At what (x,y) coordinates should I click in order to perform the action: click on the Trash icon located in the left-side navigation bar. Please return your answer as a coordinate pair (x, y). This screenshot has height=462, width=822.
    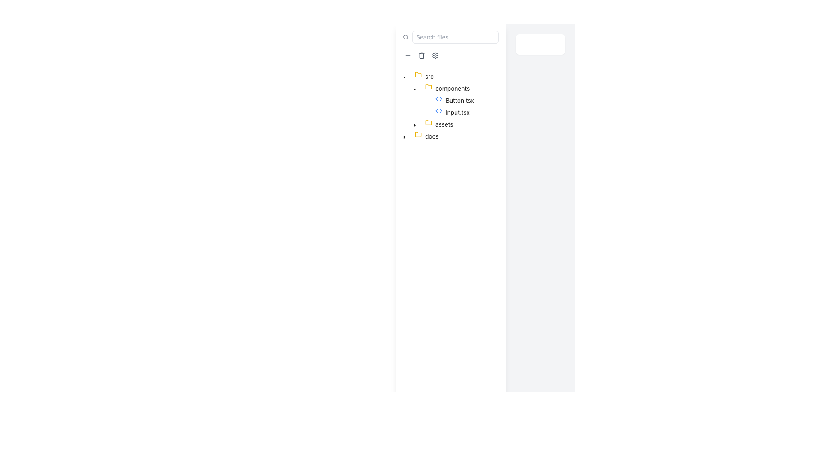
    Looking at the image, I should click on (421, 56).